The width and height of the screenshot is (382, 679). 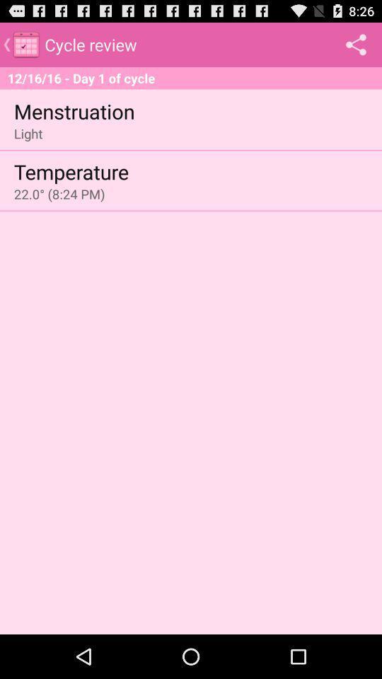 What do you see at coordinates (28, 133) in the screenshot?
I see `app above the temperature` at bounding box center [28, 133].